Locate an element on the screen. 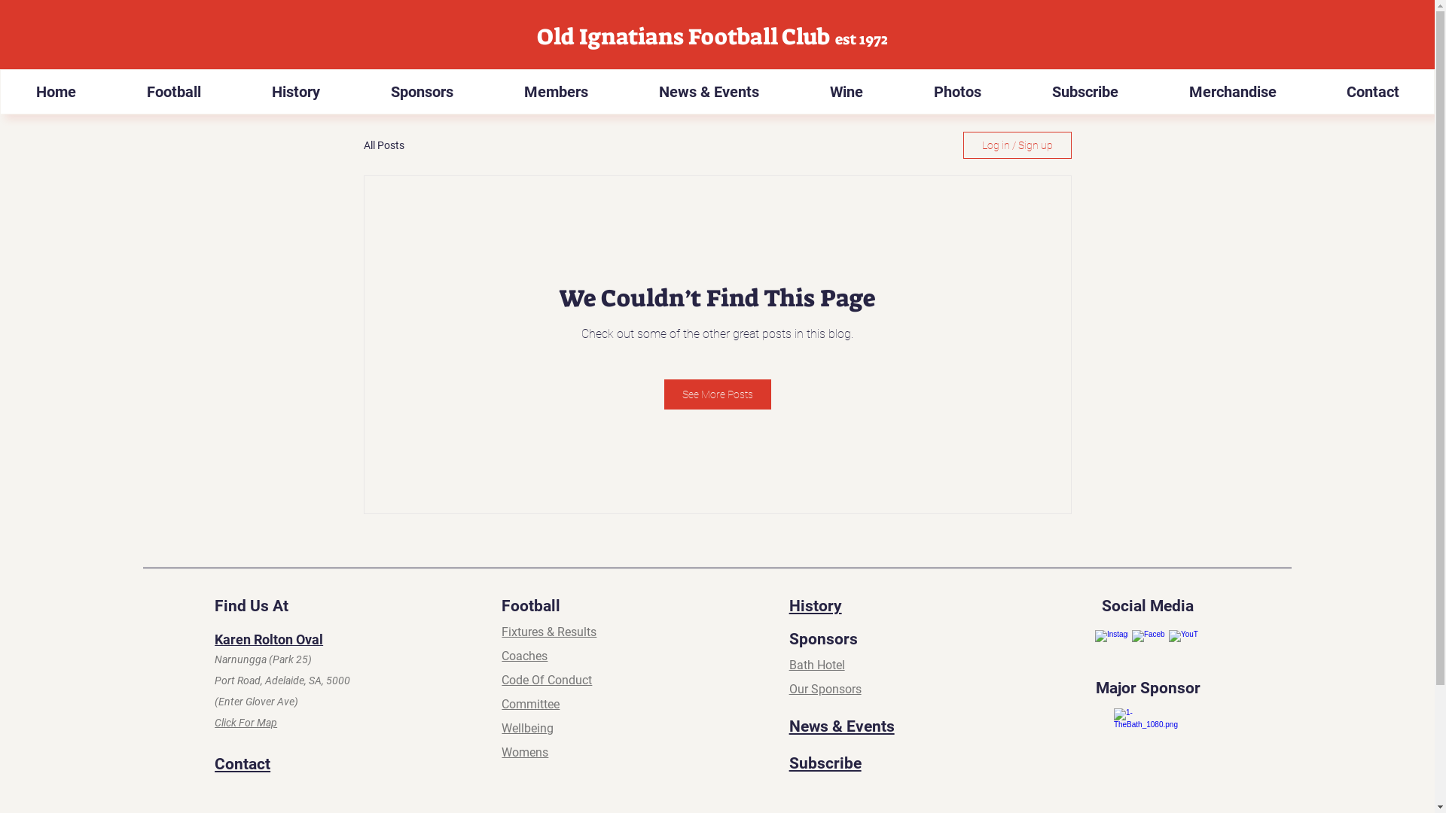 The image size is (1446, 813). 'Bath Hotel' is located at coordinates (816, 664).